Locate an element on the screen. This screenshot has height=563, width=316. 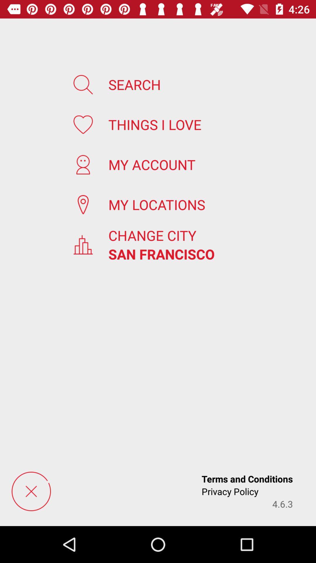
the item below the my locations app is located at coordinates (152, 235).